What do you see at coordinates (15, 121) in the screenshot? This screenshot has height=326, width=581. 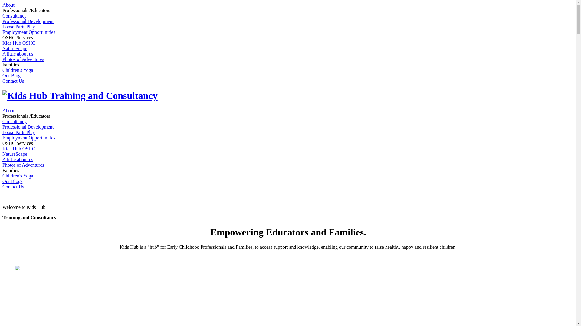 I see `'Consultancy'` at bounding box center [15, 121].